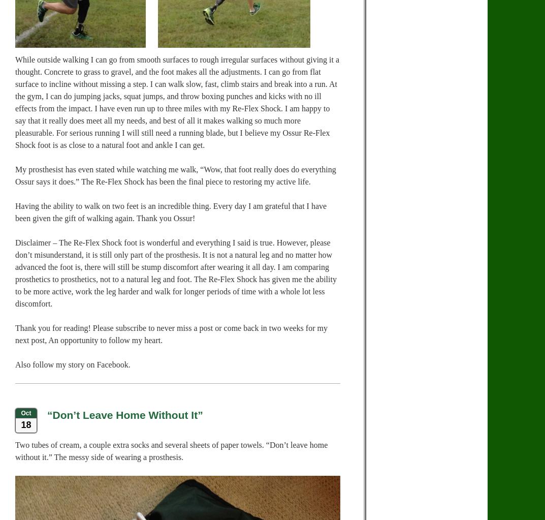  Describe the element at coordinates (171, 334) in the screenshot. I see `'Thank you for reading! Please subscribe to never miss a post or come back in two weeks for my next post, An opportunity to follow my heart.'` at that location.